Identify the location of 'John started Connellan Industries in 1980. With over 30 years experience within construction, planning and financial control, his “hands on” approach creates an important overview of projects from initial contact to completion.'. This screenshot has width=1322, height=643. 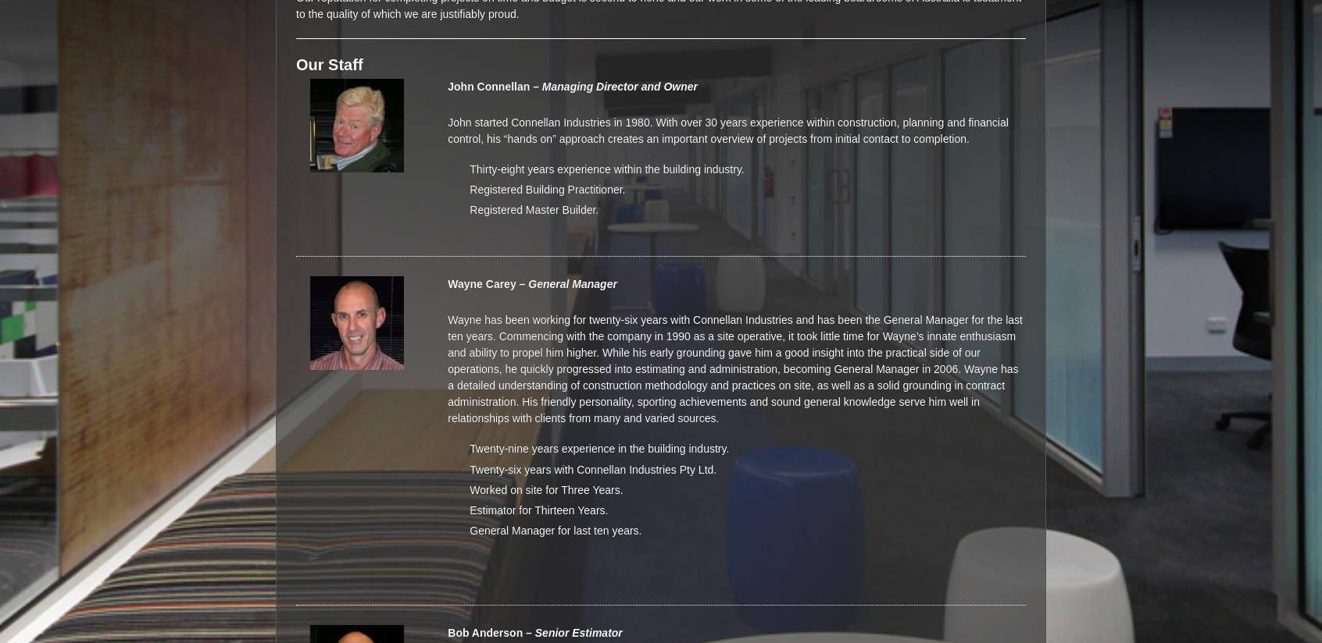
(447, 129).